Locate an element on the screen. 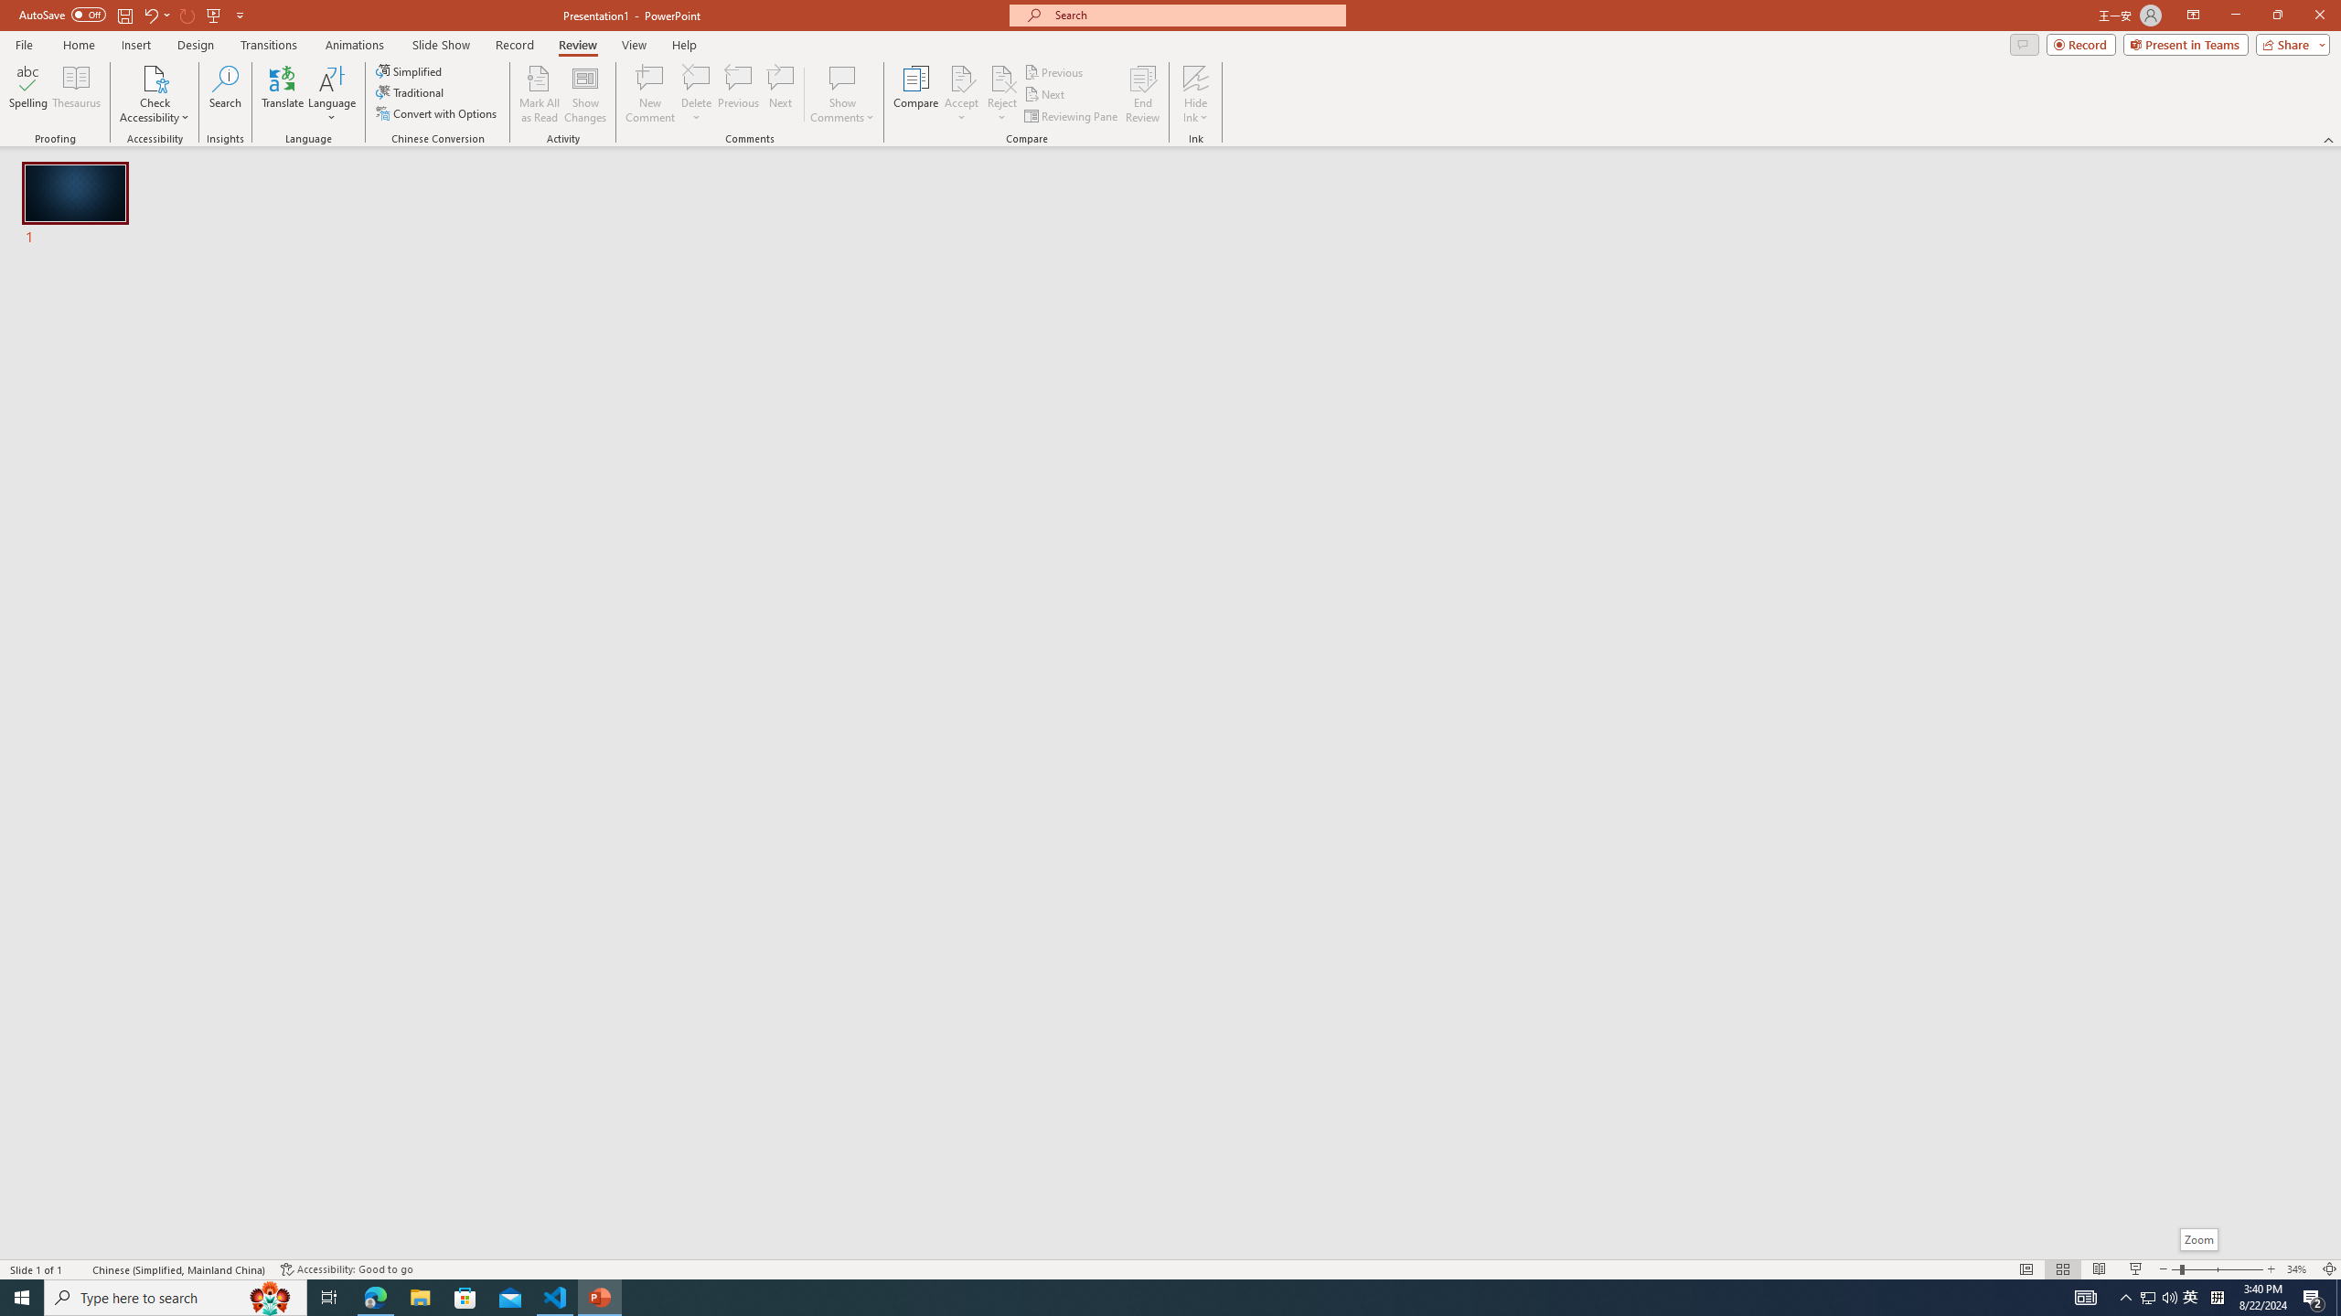 This screenshot has height=1316, width=2341. 'Thesaurus...' is located at coordinates (75, 94).